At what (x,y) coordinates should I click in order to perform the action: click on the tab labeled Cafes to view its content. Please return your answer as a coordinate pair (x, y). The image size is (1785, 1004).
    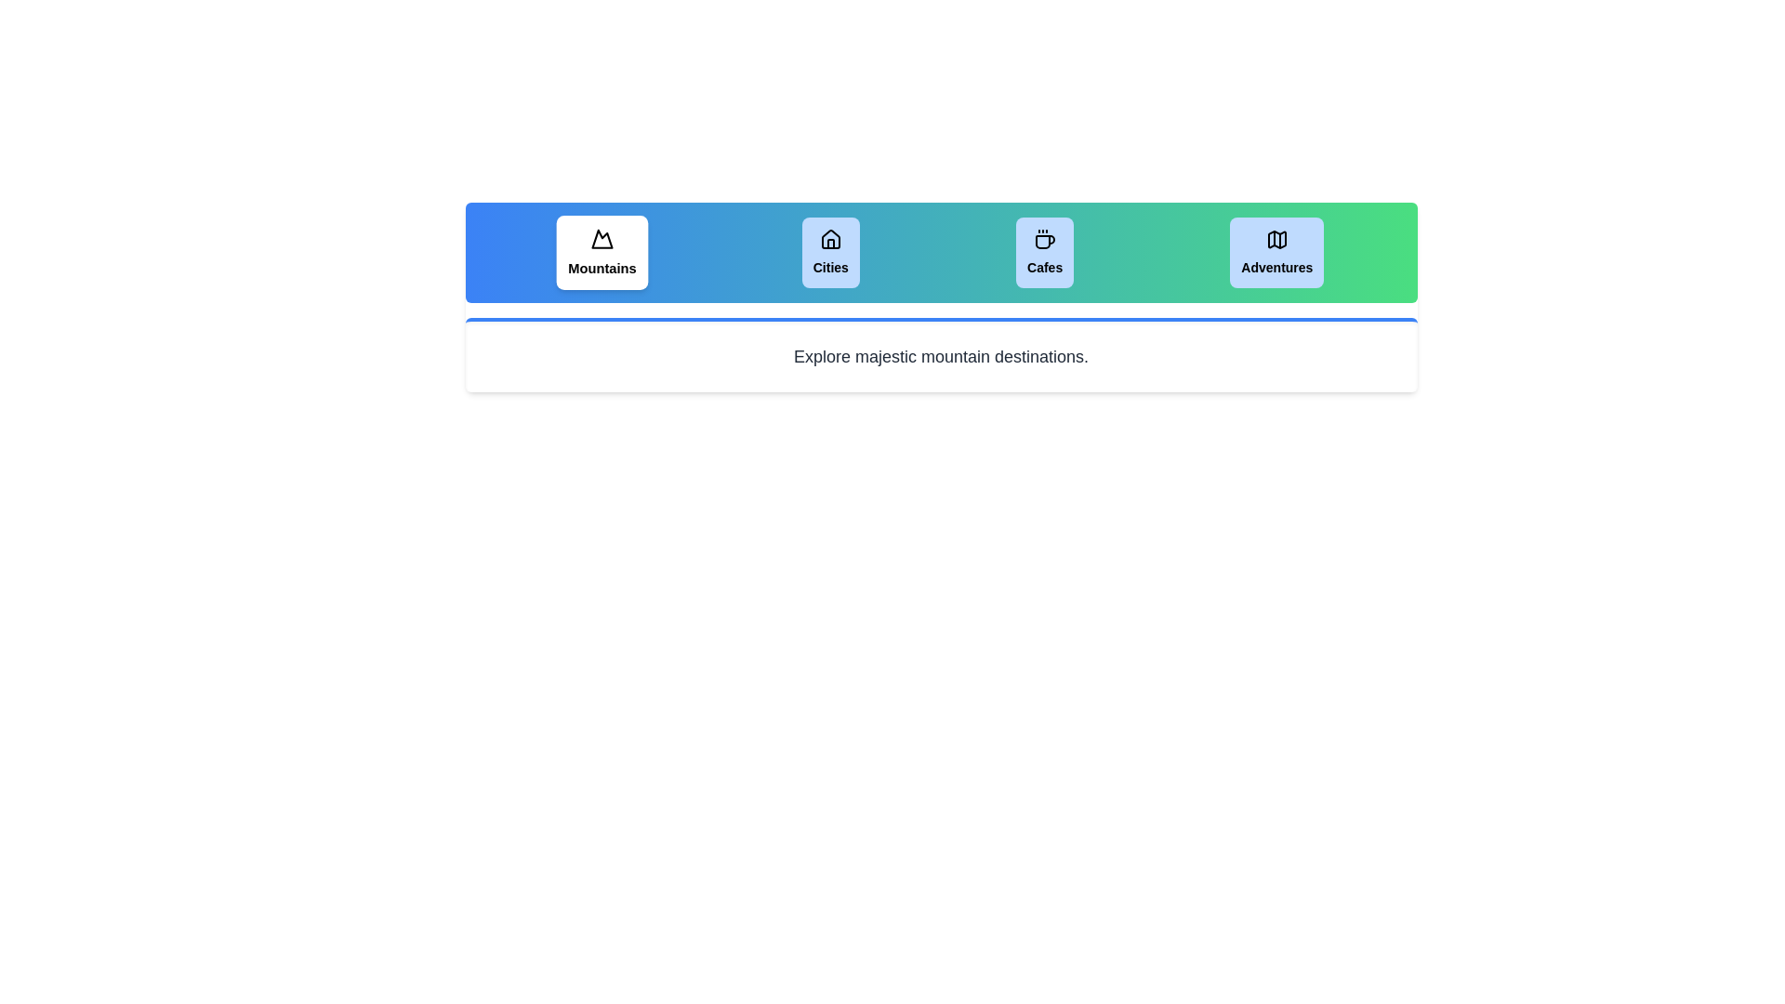
    Looking at the image, I should click on (1045, 253).